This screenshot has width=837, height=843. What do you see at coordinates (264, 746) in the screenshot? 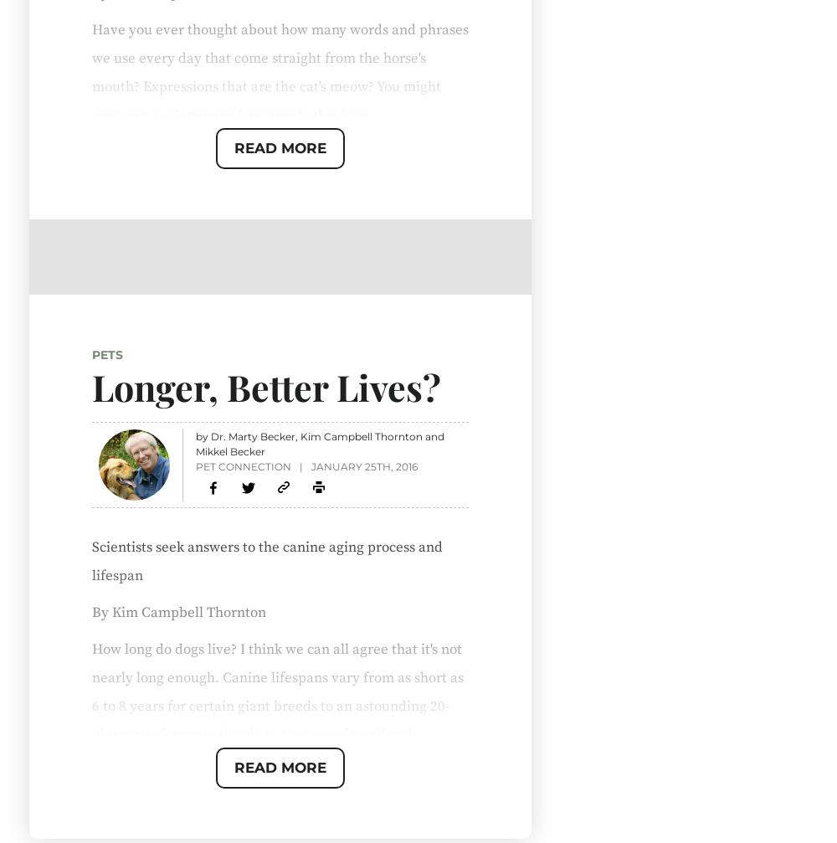
I see `'Dog-lovers have their own distinctive description, also deriving from ancient Greek. They are cynophilists, or cynophiles.'` at bounding box center [264, 746].